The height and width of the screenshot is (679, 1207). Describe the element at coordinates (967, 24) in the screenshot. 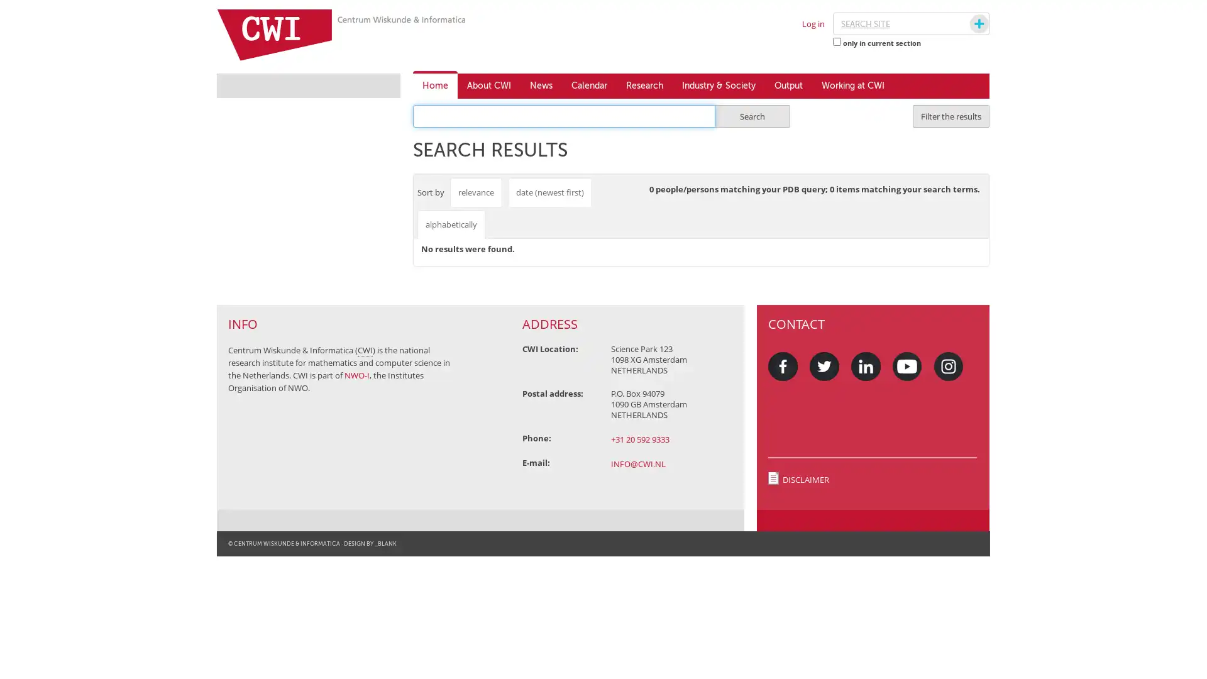

I see `Search` at that location.